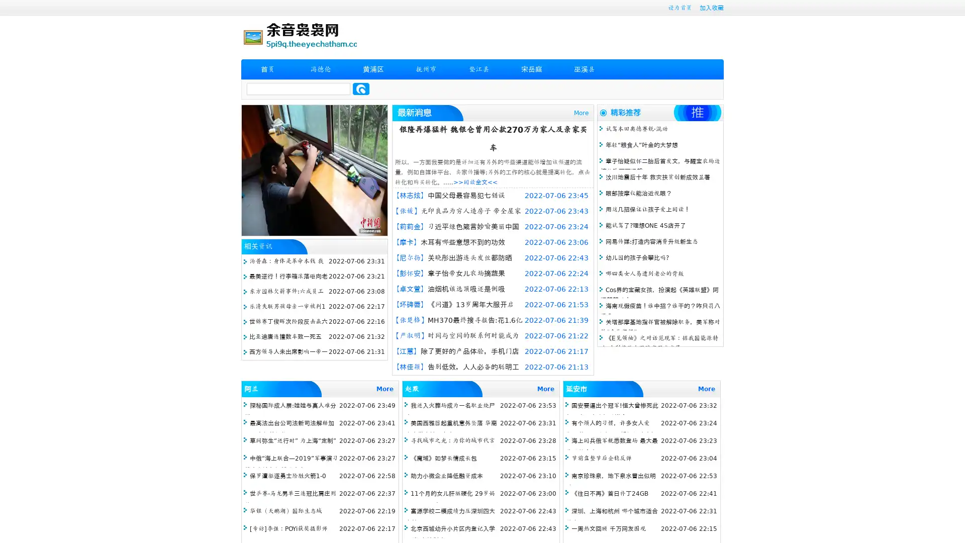 This screenshot has width=965, height=543. What do you see at coordinates (361, 88) in the screenshot?
I see `Search` at bounding box center [361, 88].